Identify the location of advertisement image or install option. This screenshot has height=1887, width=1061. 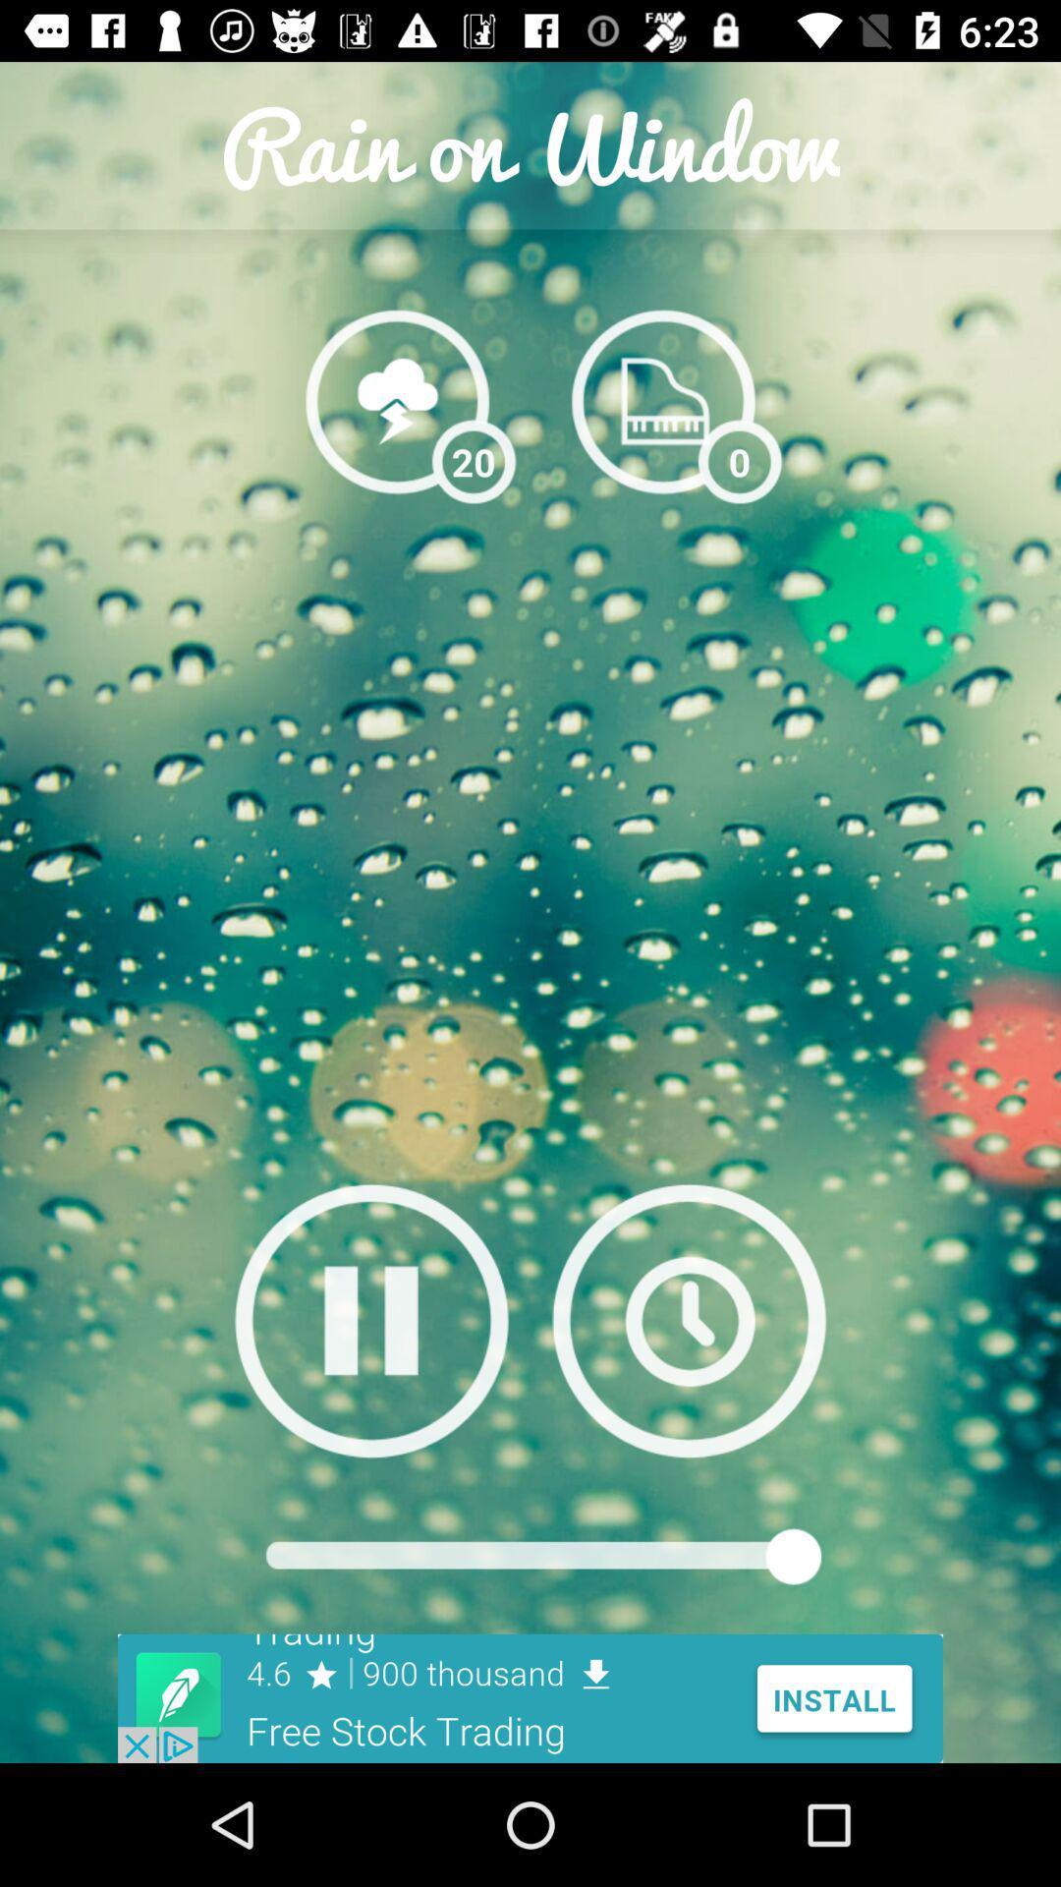
(530, 1697).